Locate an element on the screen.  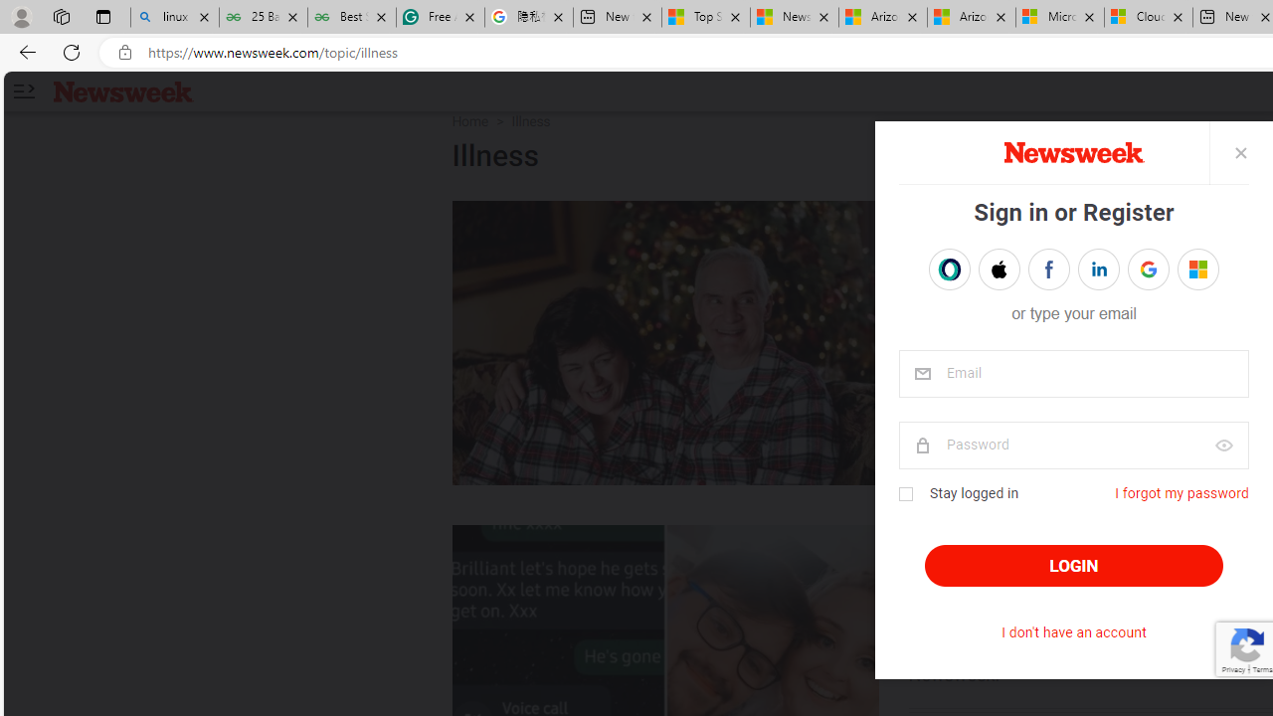
'25 Basic Linux Commands For Beginners - GeeksforGeeks' is located at coordinates (262, 17).